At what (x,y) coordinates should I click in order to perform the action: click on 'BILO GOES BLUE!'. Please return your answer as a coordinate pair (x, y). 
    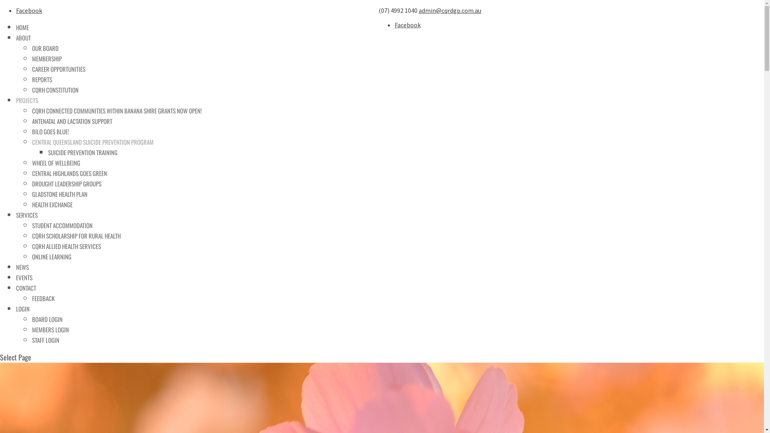
    Looking at the image, I should click on (50, 131).